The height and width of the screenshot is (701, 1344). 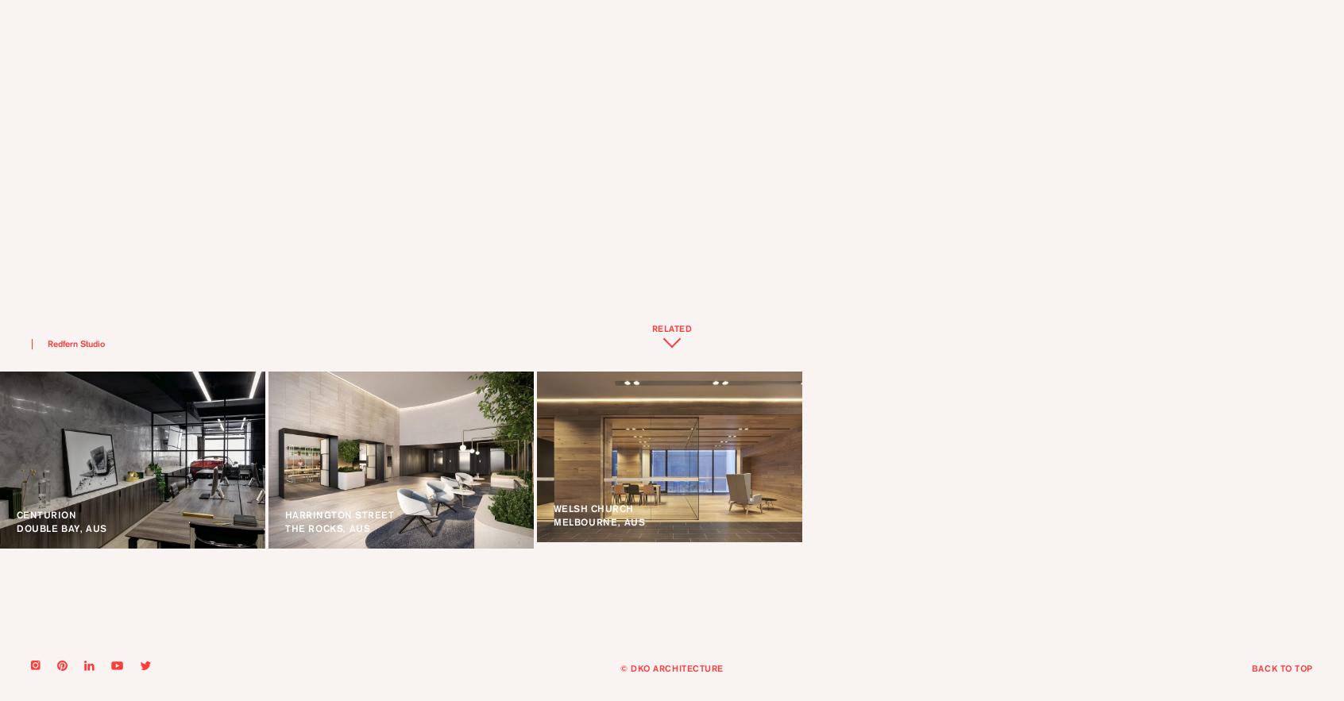 I want to click on 'DOUBLE BAY, AUS', so click(x=15, y=529).